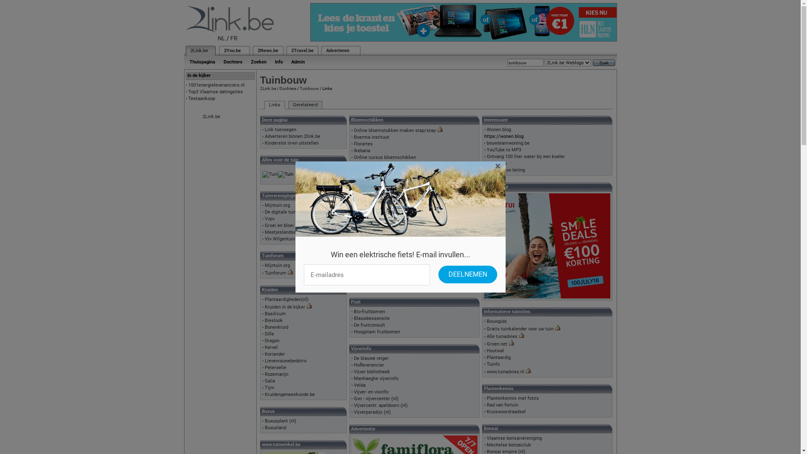  I want to click on 'Vlaamse bonsaivereniging', so click(514, 438).